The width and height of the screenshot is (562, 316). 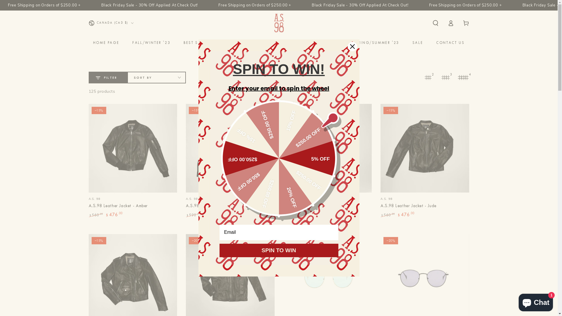 What do you see at coordinates (106, 42) in the screenshot?
I see `'HOME PAGE'` at bounding box center [106, 42].